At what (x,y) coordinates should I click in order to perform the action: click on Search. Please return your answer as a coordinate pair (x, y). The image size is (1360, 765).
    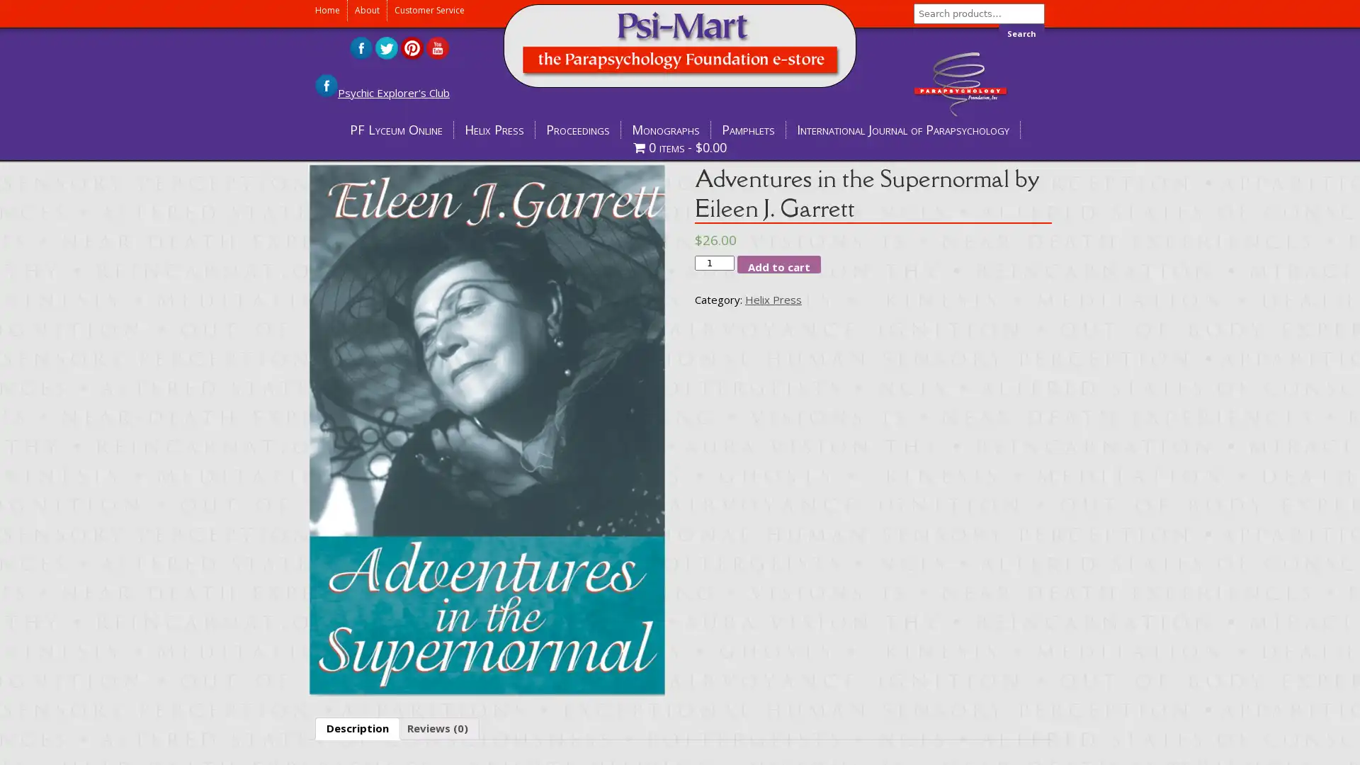
    Looking at the image, I should click on (1021, 33).